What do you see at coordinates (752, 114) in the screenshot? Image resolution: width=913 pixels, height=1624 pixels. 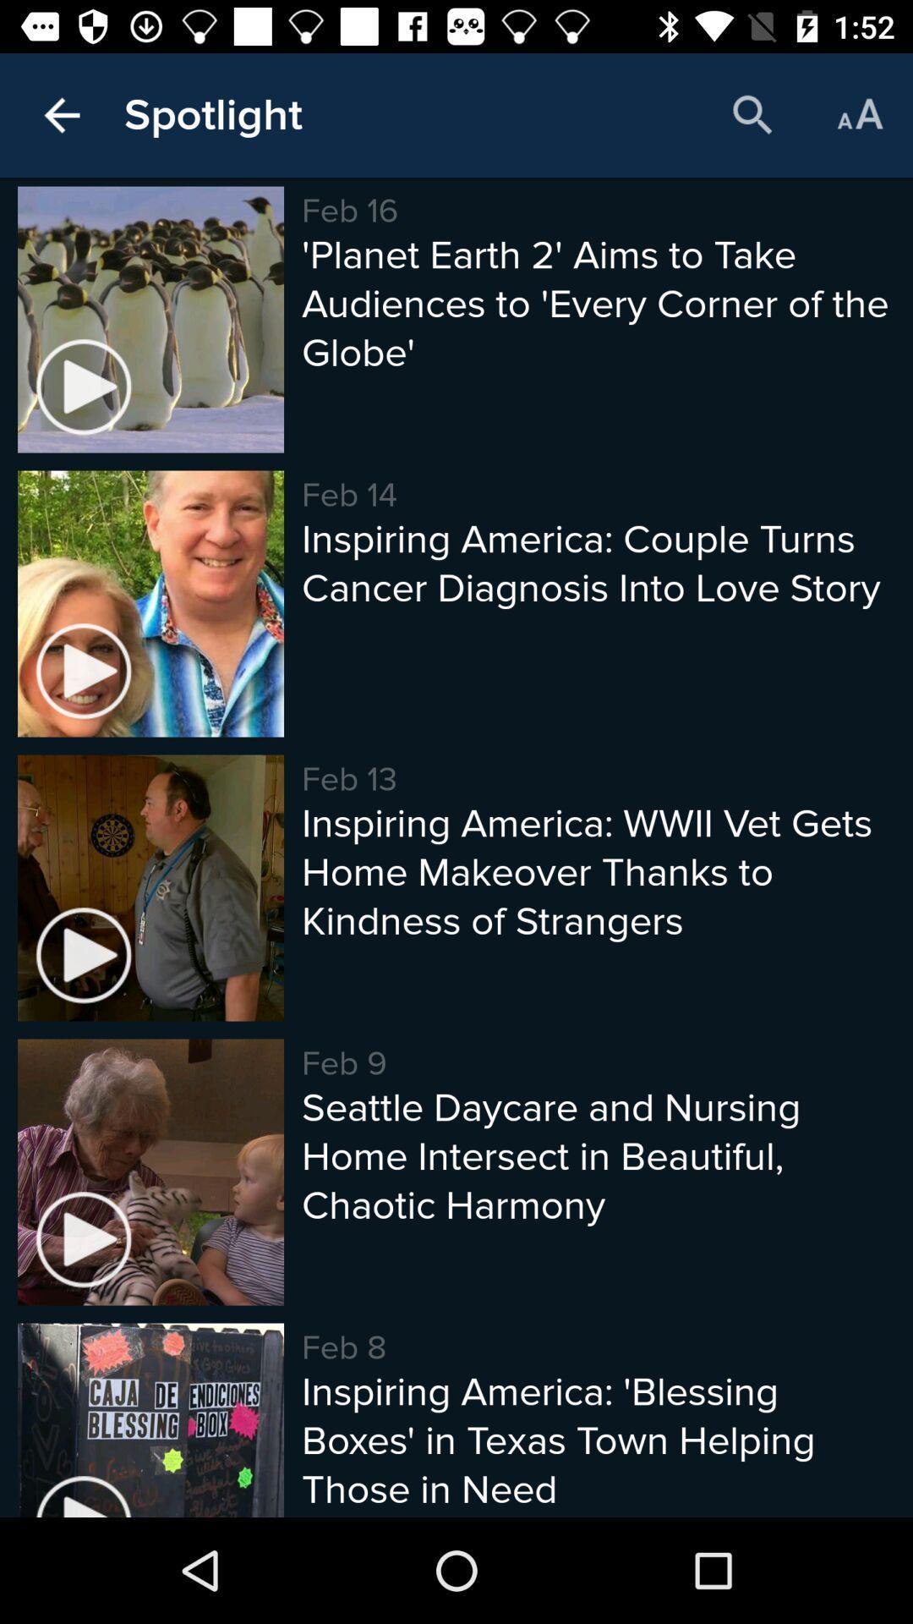 I see `the icon to the right of spotlight` at bounding box center [752, 114].